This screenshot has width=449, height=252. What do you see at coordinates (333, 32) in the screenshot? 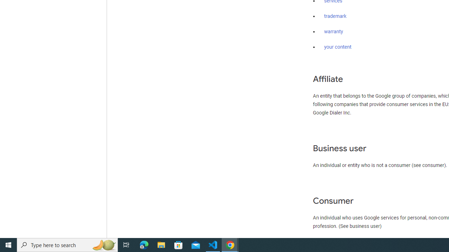
I see `'warranty'` at bounding box center [333, 32].